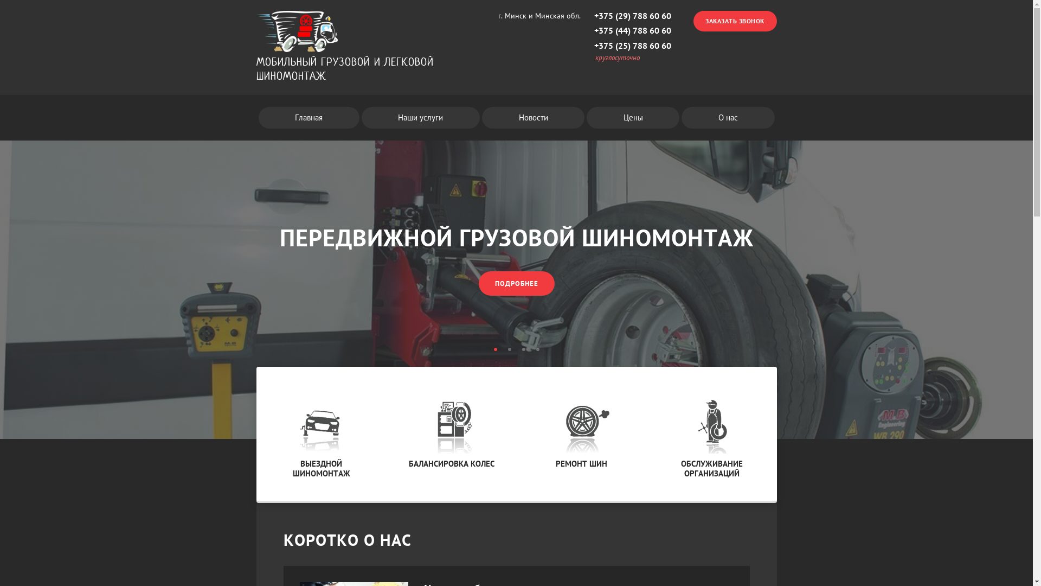 The height and width of the screenshot is (586, 1041). Describe the element at coordinates (593, 30) in the screenshot. I see `'+375 (44) 788 60 60'` at that location.